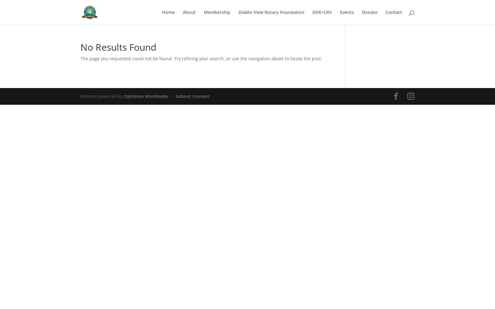 The width and height of the screenshot is (495, 309). I want to click on 'Website powered by', so click(102, 96).